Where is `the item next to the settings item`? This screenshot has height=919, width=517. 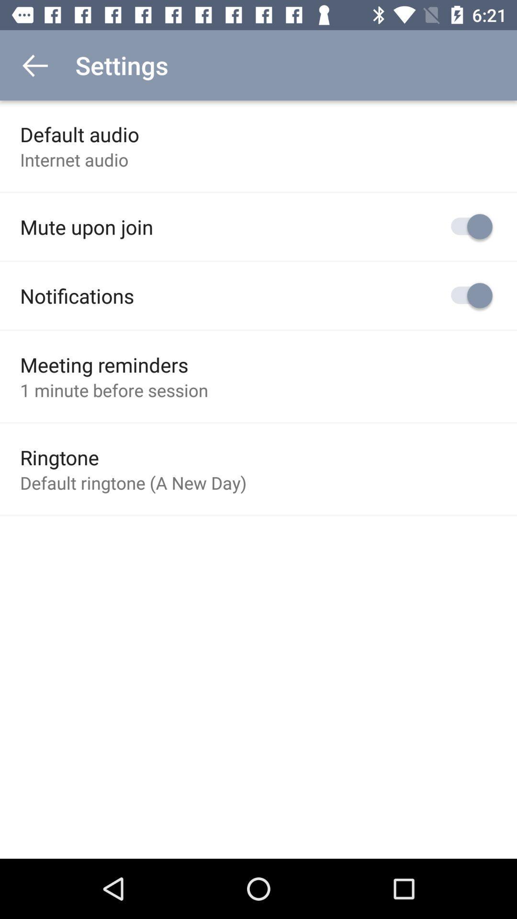 the item next to the settings item is located at coordinates (34, 65).